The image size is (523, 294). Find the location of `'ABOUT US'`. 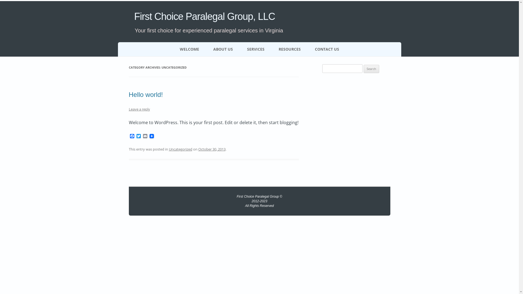

'ABOUT US' is located at coordinates (223, 49).